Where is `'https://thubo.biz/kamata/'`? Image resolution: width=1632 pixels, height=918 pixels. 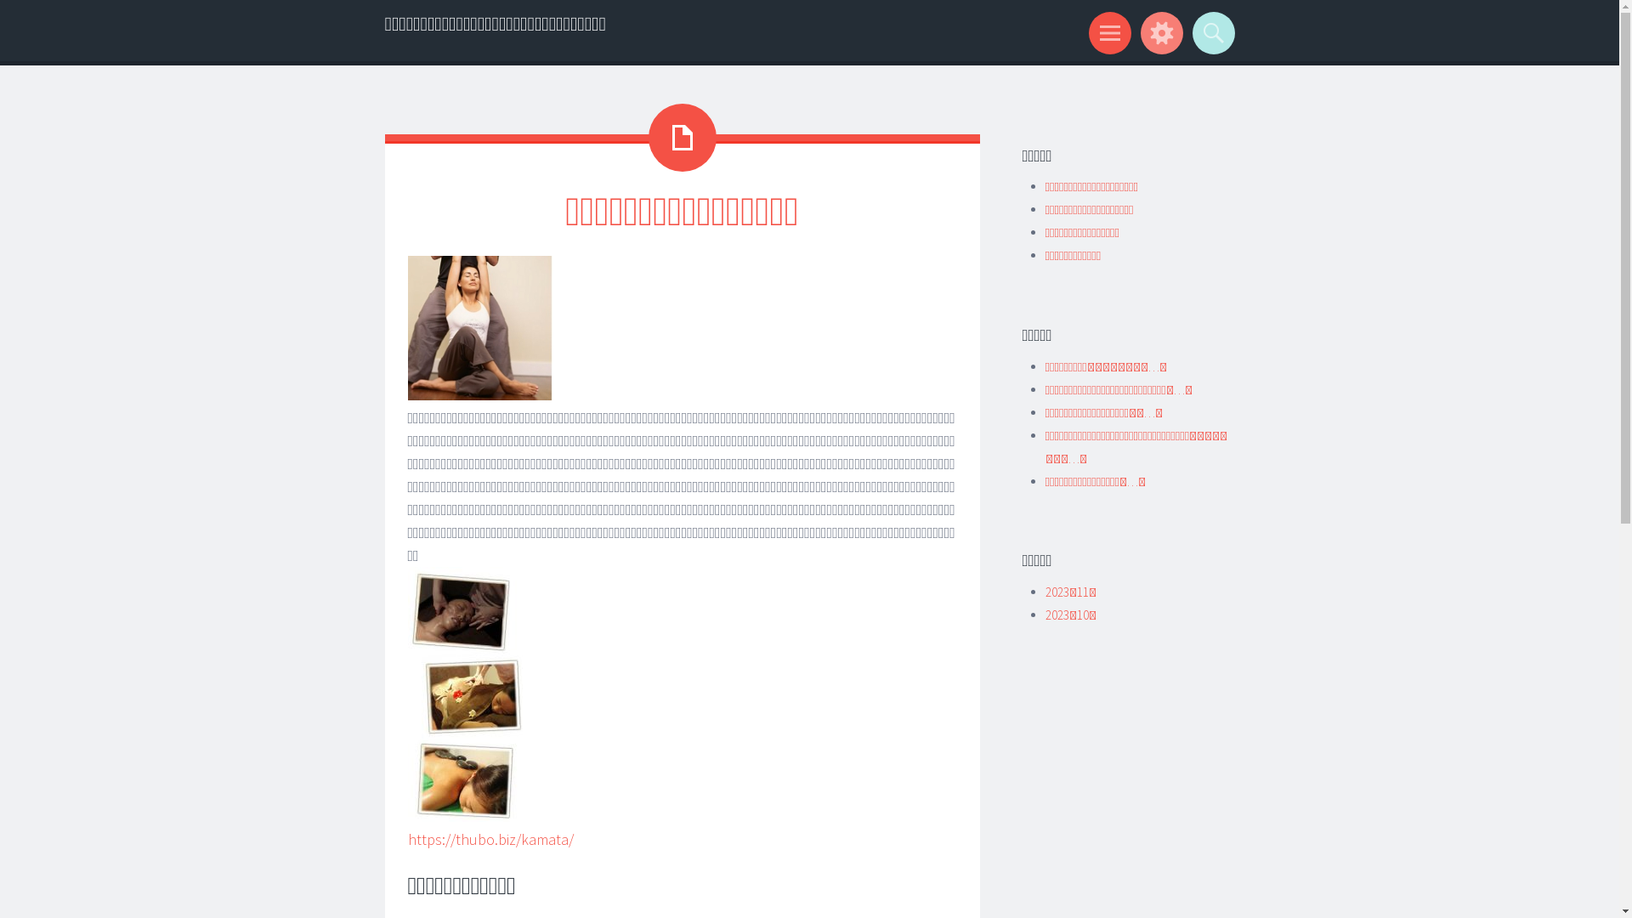 'https://thubo.biz/kamata/' is located at coordinates (490, 838).